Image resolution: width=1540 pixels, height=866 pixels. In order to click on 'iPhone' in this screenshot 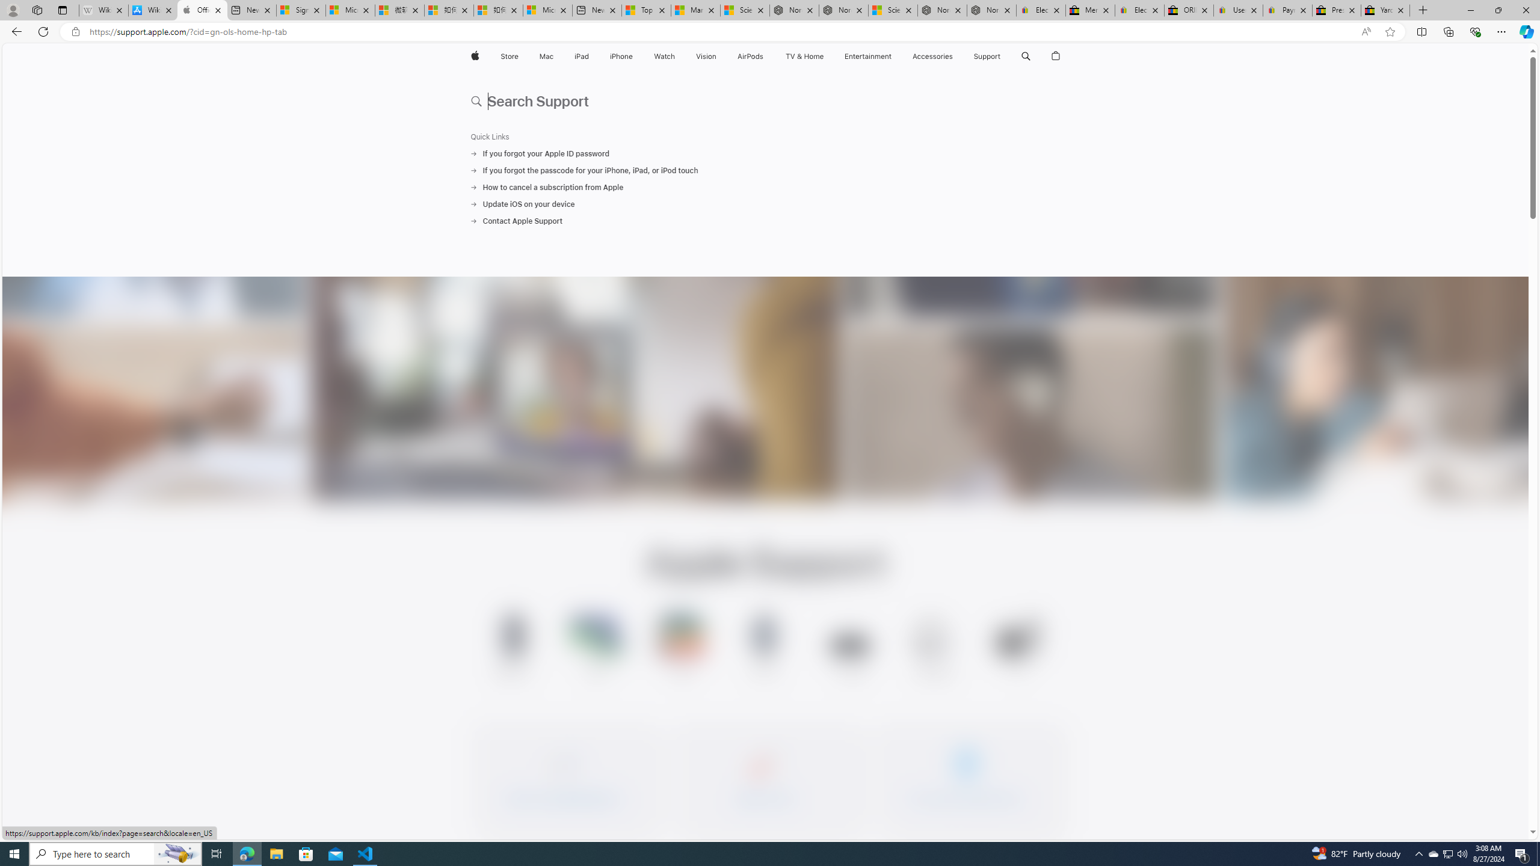, I will do `click(620, 56)`.